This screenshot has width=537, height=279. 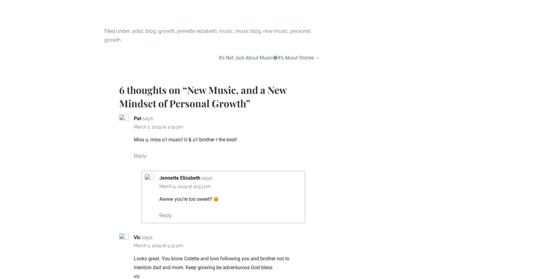 I want to click on 'music', so click(x=226, y=31).